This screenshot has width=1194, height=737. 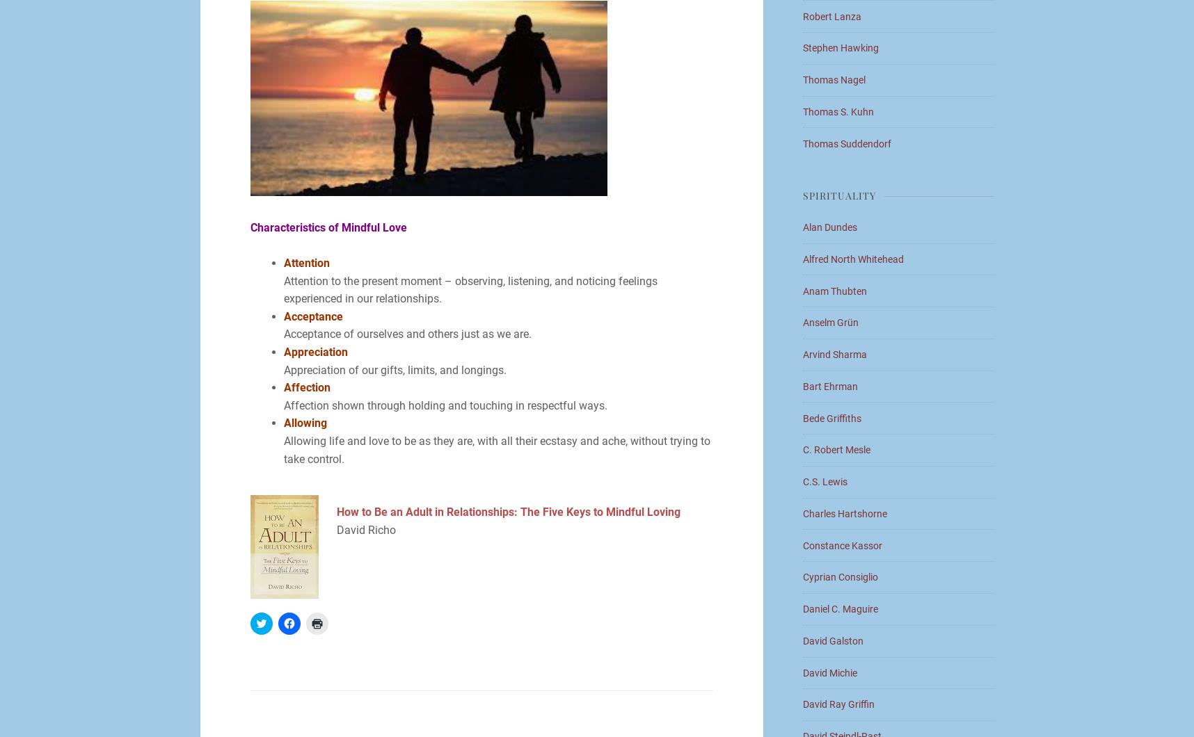 I want to click on 'Stephen Hawking', so click(x=802, y=48).